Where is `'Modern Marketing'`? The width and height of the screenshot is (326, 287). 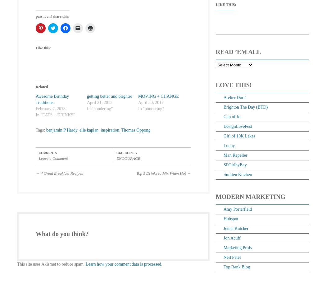
'Modern Marketing' is located at coordinates (250, 196).